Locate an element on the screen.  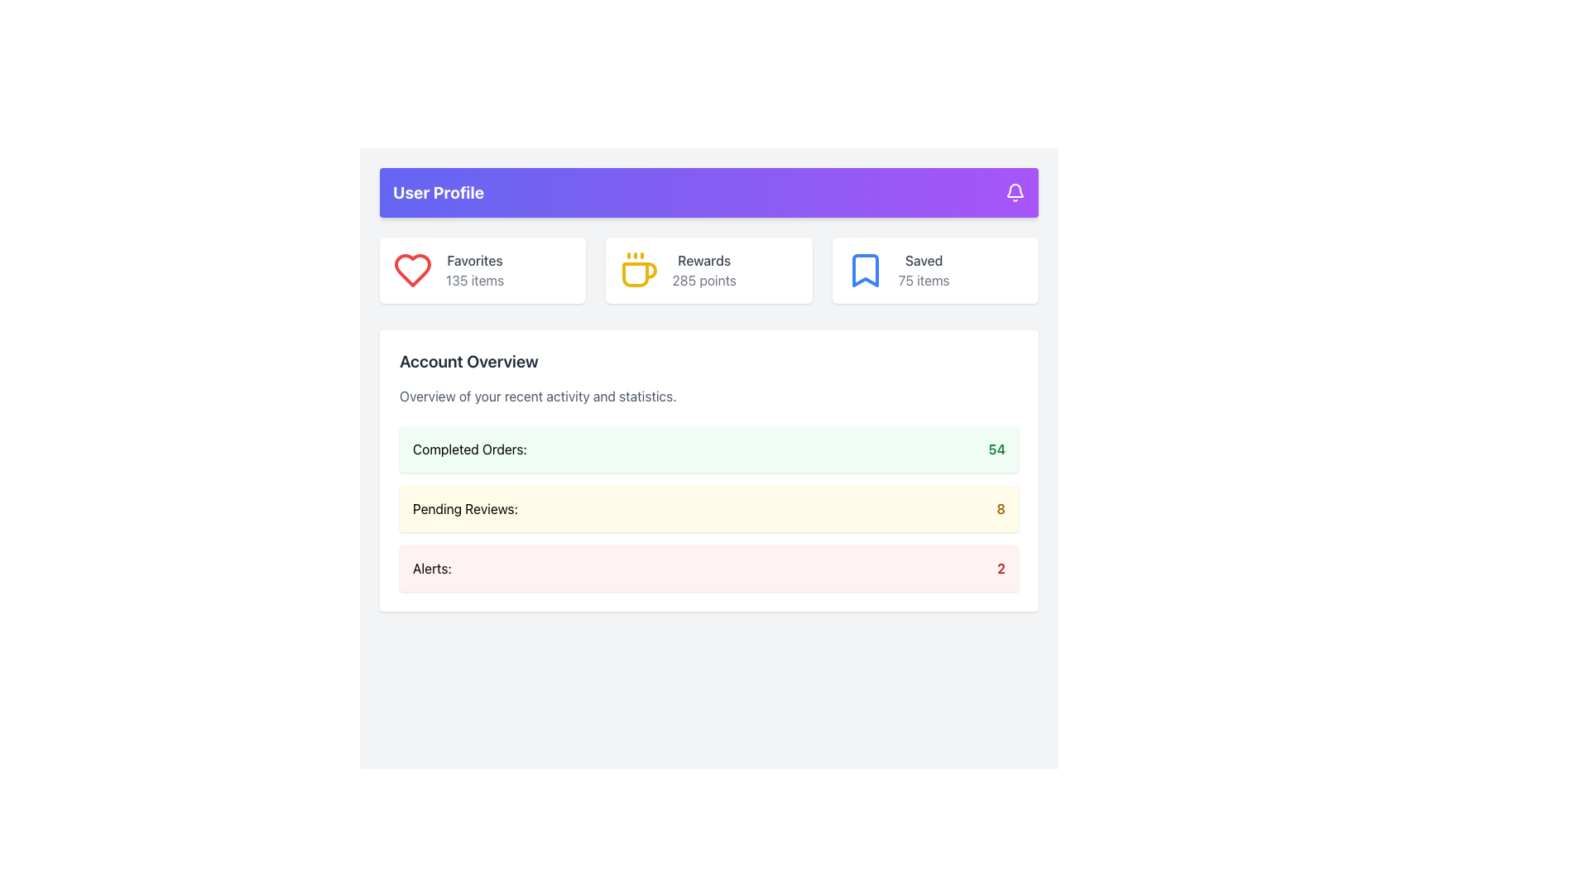
the Informational card displaying the number of pending reviews in the 'Account Overview' section, positioned between the 'Completed Orders' and 'Alerts' cards is located at coordinates (709, 507).